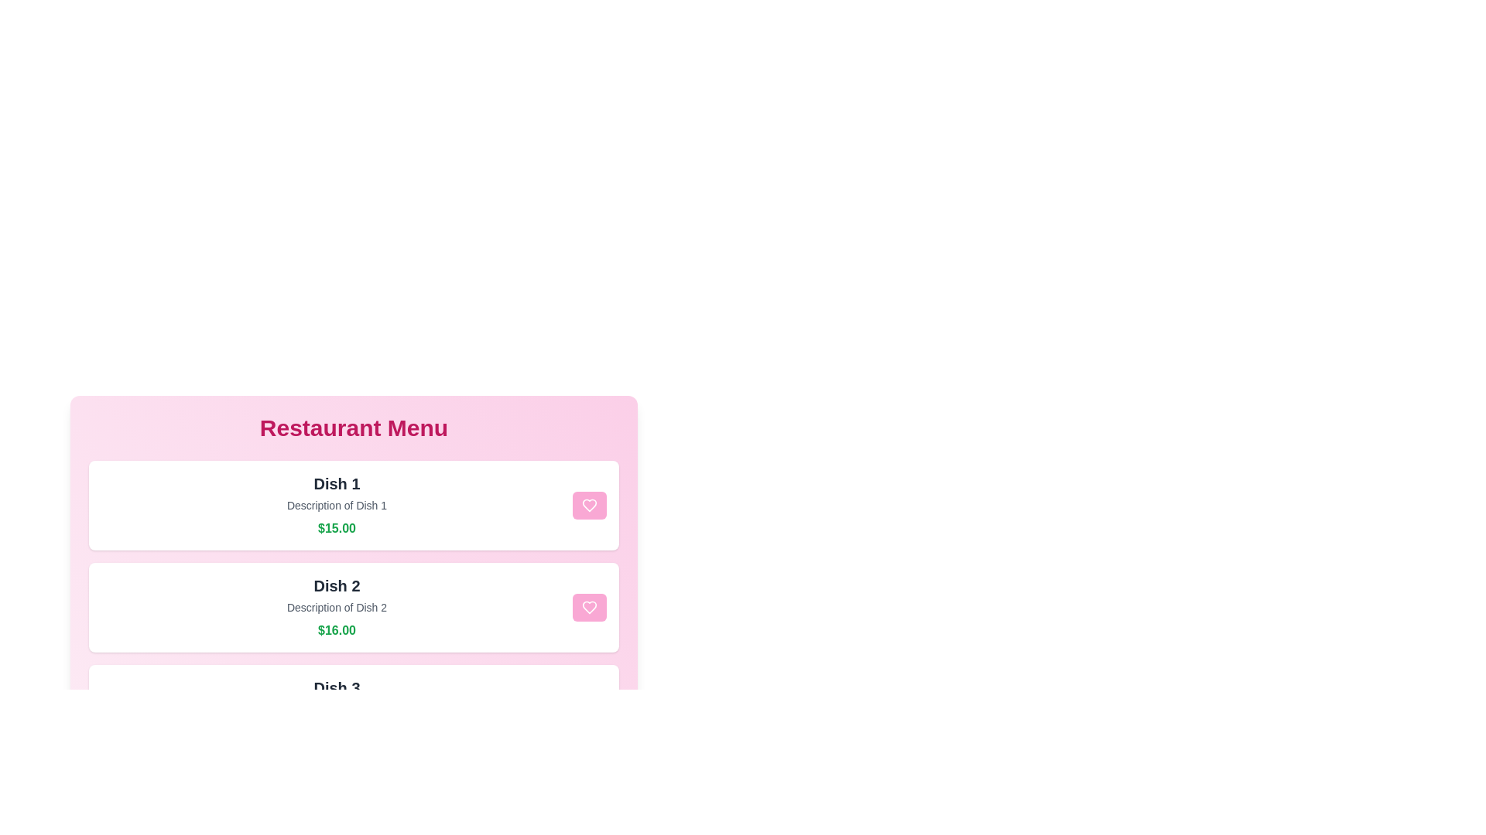  What do you see at coordinates (353, 607) in the screenshot?
I see `the second card in the restaurant menu interface to interact with options inside the element` at bounding box center [353, 607].